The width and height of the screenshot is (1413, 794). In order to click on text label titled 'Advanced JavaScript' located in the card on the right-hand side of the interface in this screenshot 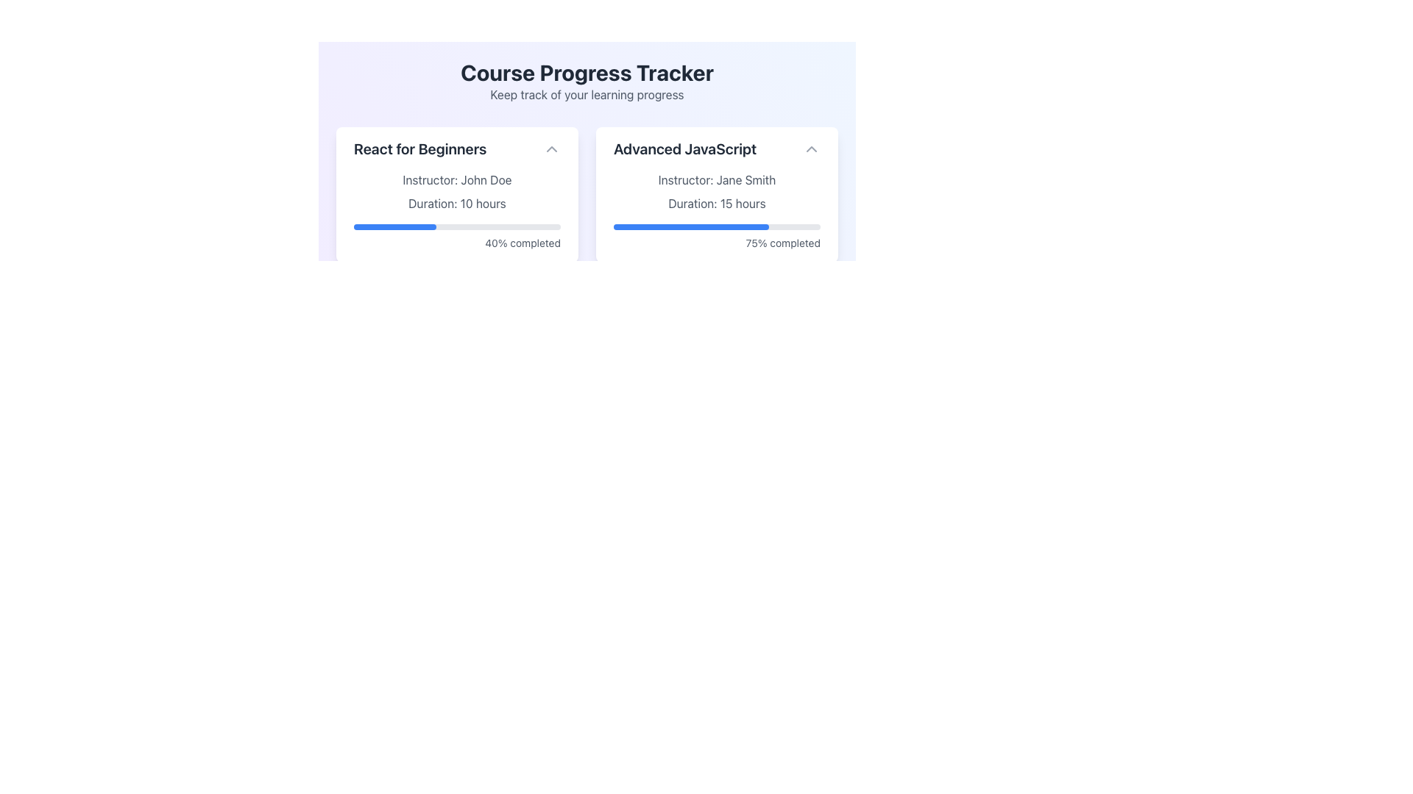, I will do `click(684, 149)`.